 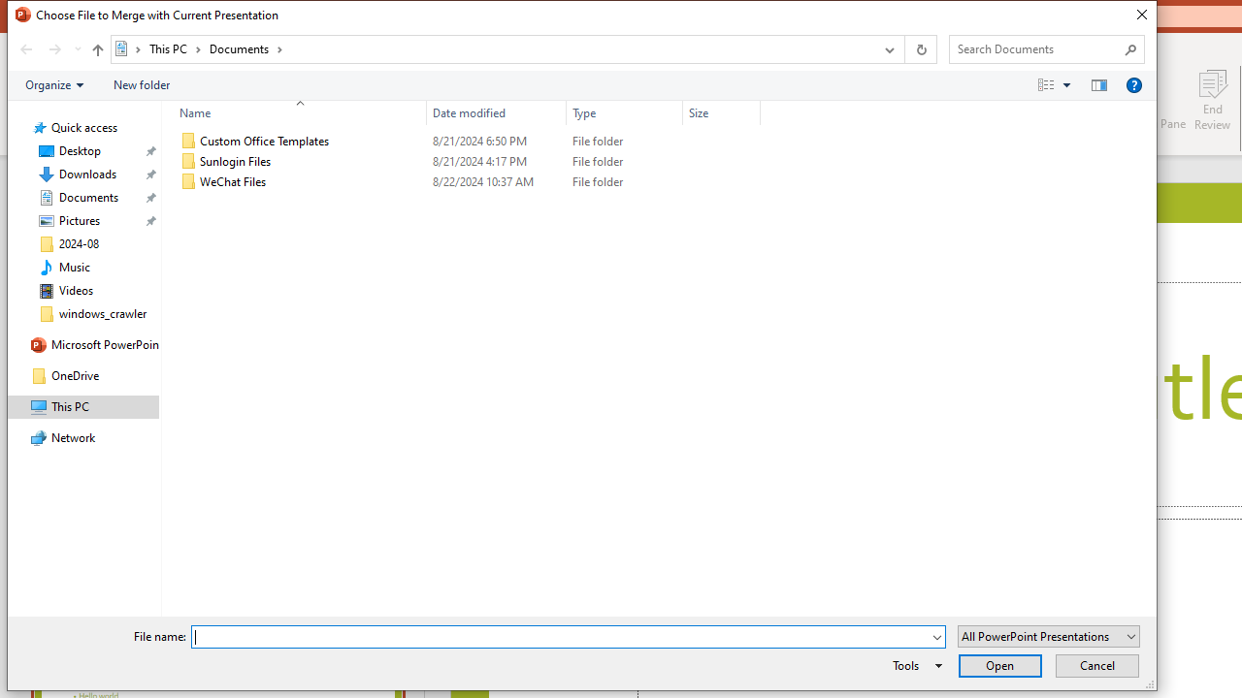 What do you see at coordinates (140, 83) in the screenshot?
I see `'New folder'` at bounding box center [140, 83].